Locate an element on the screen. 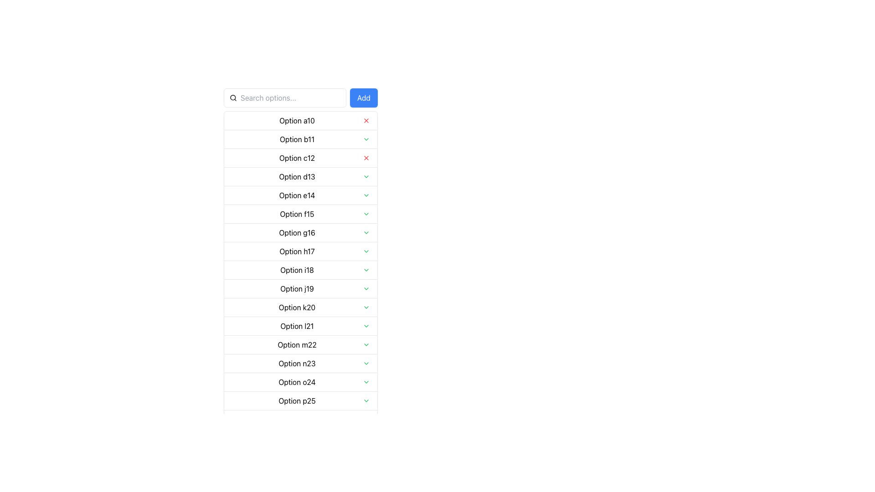 The width and height of the screenshot is (875, 492). the Chevron icon (expand or dropdown indicator) located to the right of the 'Option k20' label, which indicates expandable options is located at coordinates (366, 307).